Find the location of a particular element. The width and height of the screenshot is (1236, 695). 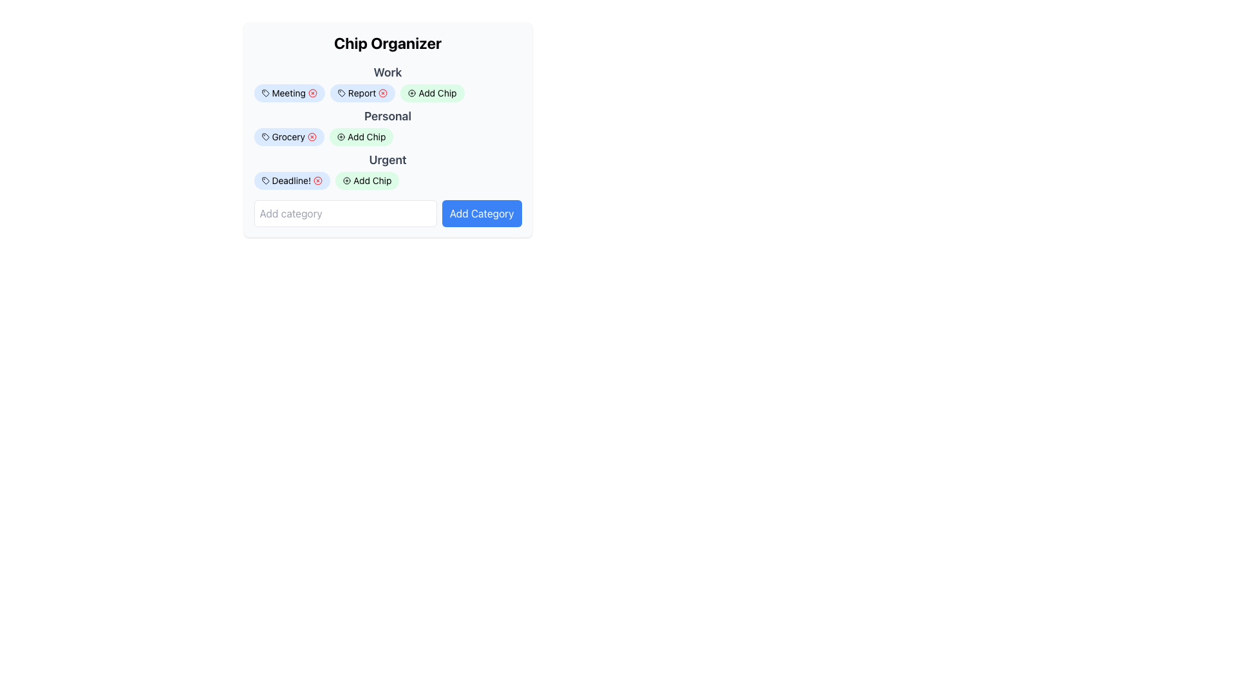

the 'Add Chip' icon button located in the second row under 'Personal' in the 'Work' section is located at coordinates (341, 136).